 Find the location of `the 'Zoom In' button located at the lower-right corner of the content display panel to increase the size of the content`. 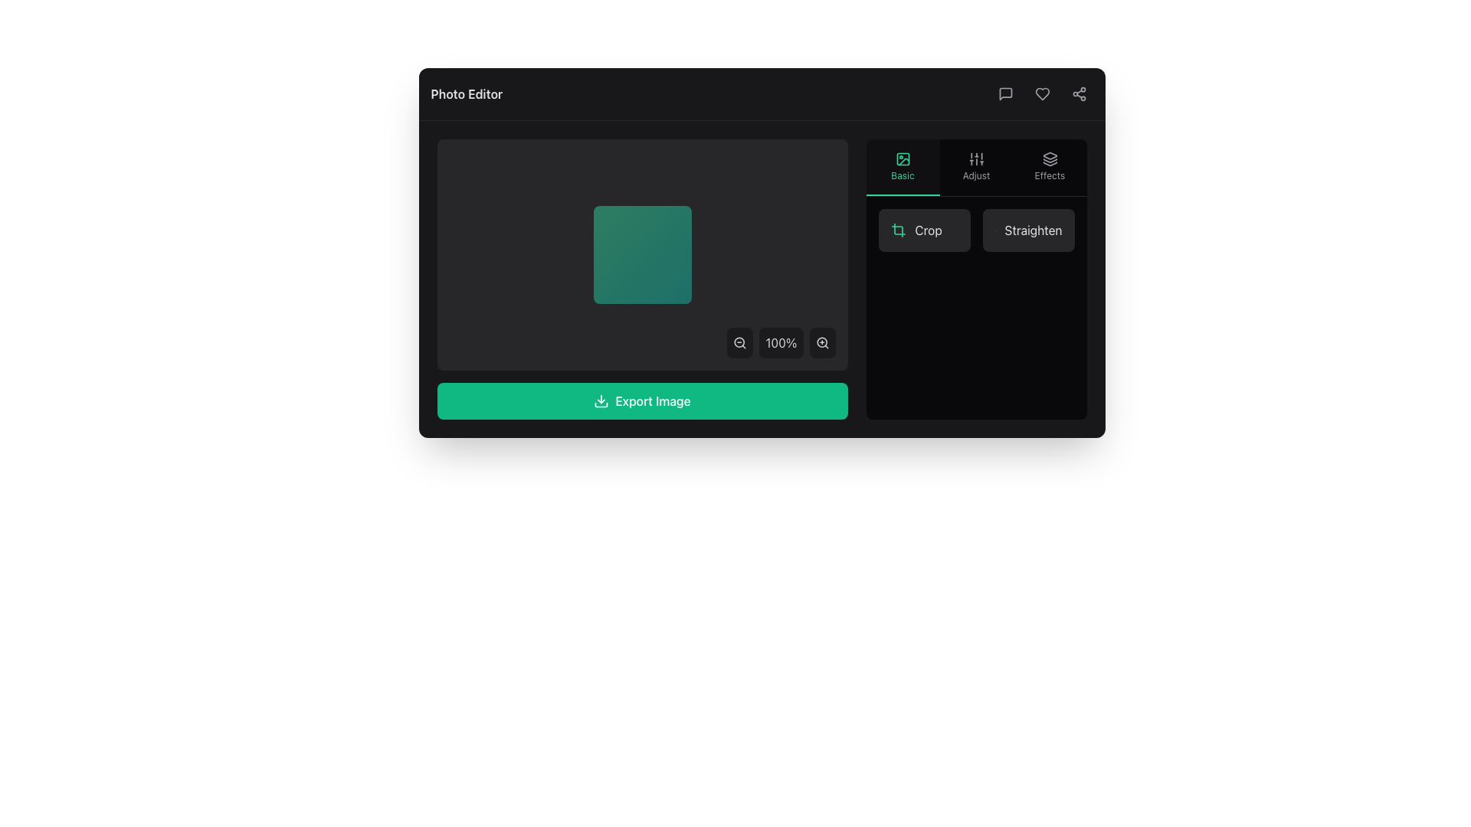

the 'Zoom In' button located at the lower-right corner of the content display panel to increase the size of the content is located at coordinates (821, 342).